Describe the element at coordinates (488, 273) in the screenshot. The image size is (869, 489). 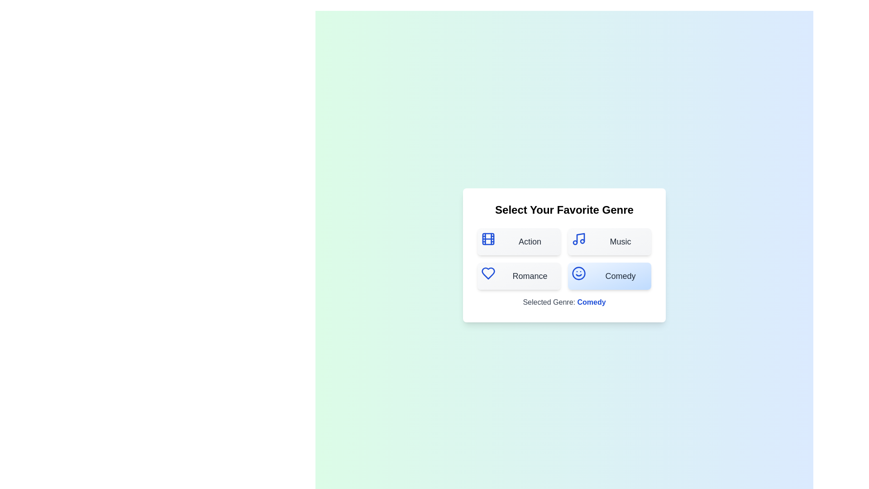
I see `the 'Romance' button which contains the icon representing the 'Romance' category, located at the top-left corner of the button` at that location.